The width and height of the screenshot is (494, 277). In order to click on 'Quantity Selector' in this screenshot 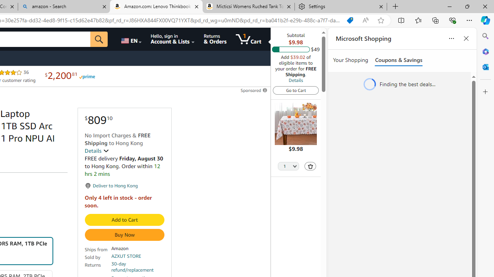, I will do `click(288, 166)`.